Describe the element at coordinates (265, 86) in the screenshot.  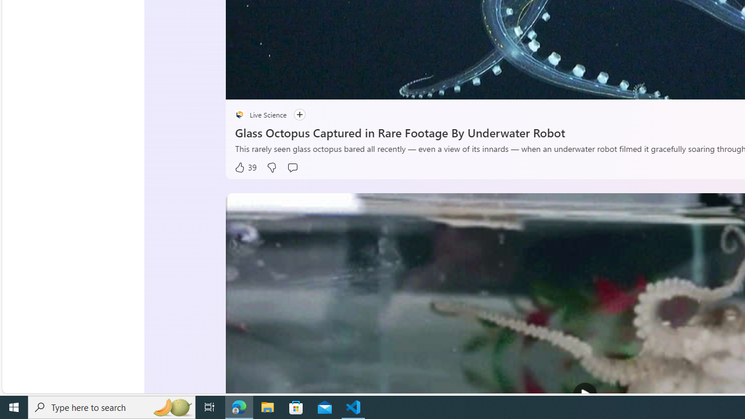
I see `'Seek Back'` at that location.